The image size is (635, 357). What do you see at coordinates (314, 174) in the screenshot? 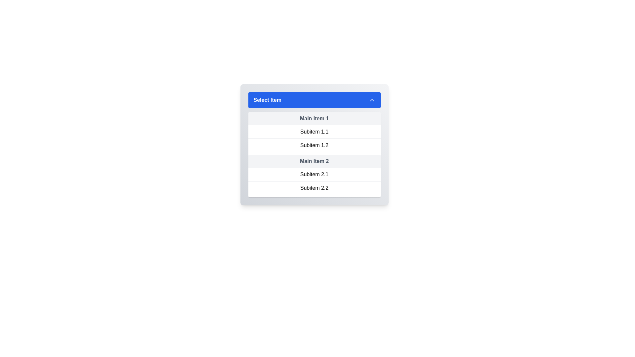
I see `the menu item displaying 'Subitem 2.1'` at bounding box center [314, 174].